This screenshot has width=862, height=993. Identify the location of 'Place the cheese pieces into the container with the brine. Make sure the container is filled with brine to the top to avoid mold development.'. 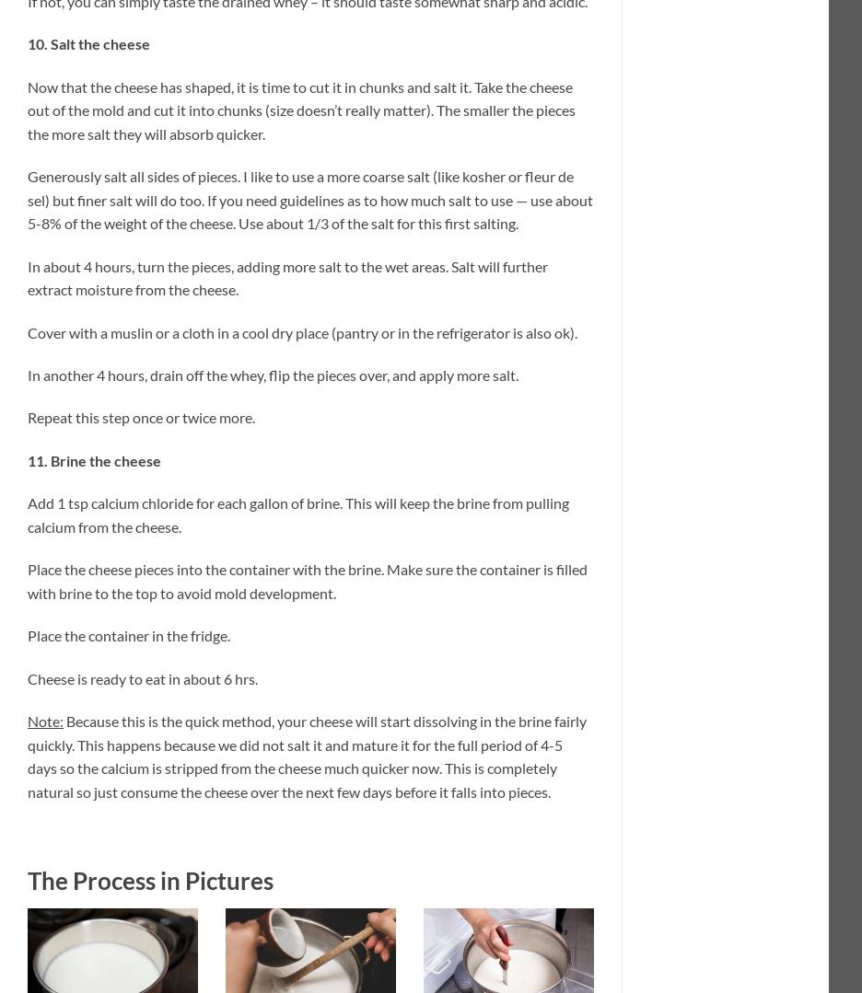
(27, 579).